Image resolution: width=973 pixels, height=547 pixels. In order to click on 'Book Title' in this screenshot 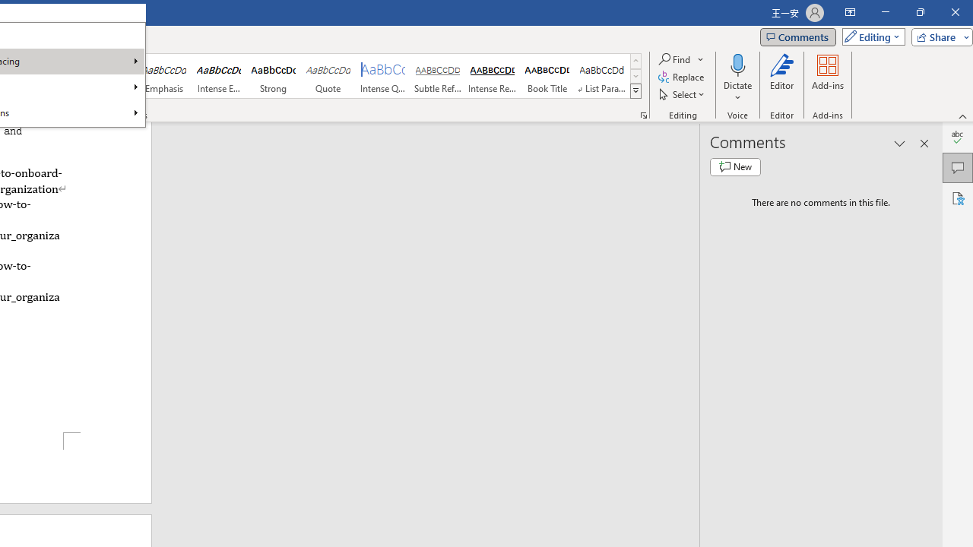, I will do `click(547, 76)`.